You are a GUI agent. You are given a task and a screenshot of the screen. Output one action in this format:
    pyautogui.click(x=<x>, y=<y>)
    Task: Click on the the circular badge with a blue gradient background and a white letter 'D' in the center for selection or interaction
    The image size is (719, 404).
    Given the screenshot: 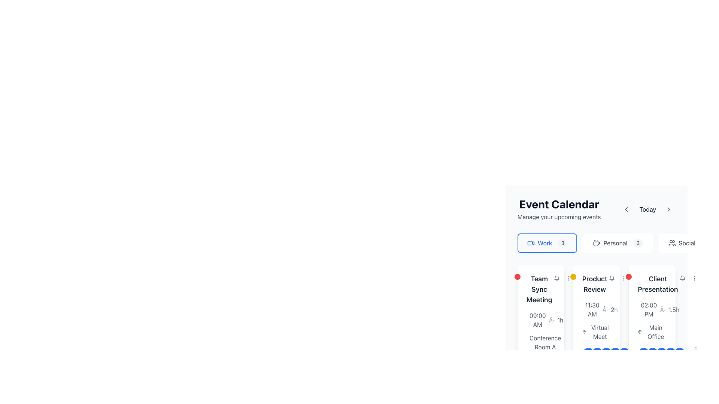 What is the action you would take?
    pyautogui.click(x=671, y=353)
    